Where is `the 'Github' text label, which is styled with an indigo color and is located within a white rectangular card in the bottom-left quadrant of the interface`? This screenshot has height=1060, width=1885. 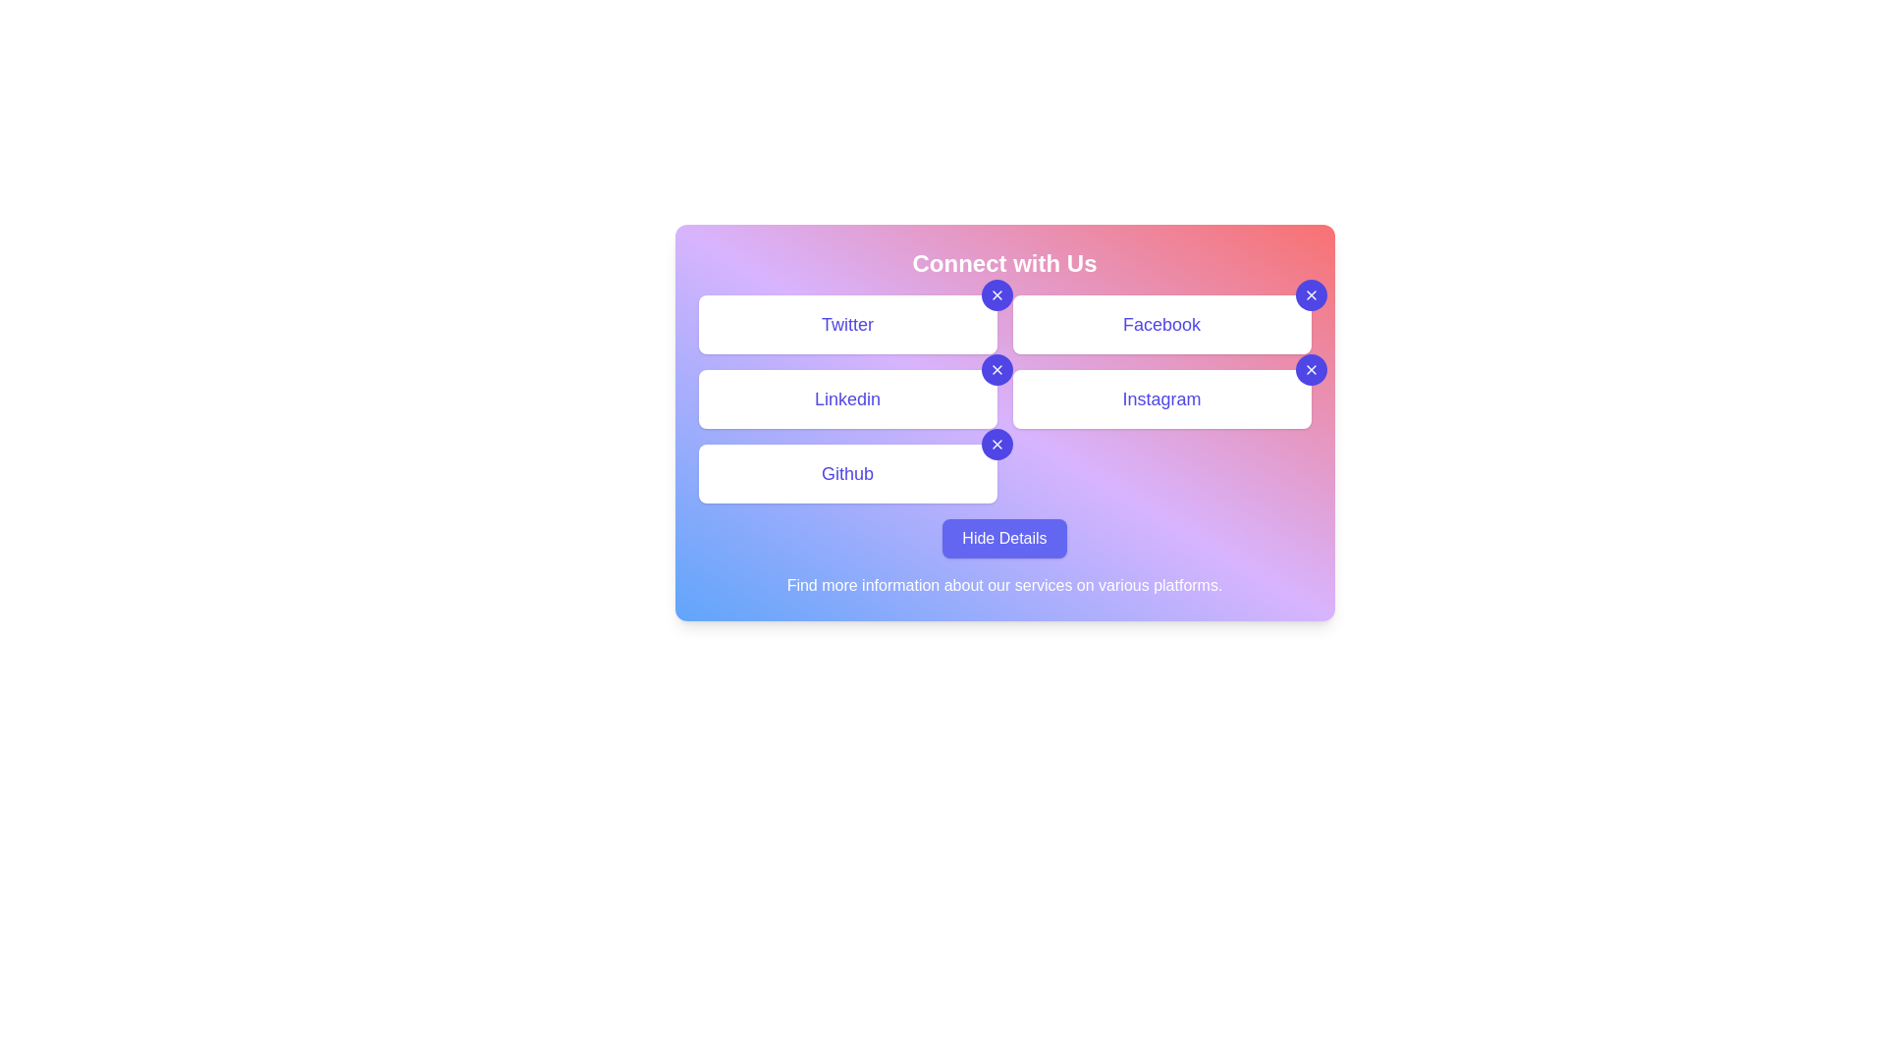 the 'Github' text label, which is styled with an indigo color and is located within a white rectangular card in the bottom-left quadrant of the interface is located at coordinates (847, 473).